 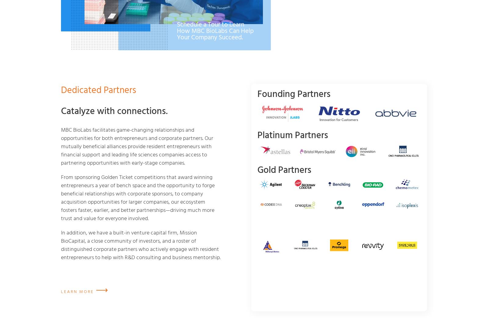 I want to click on 'Catalyze with connections.', so click(x=114, y=111).